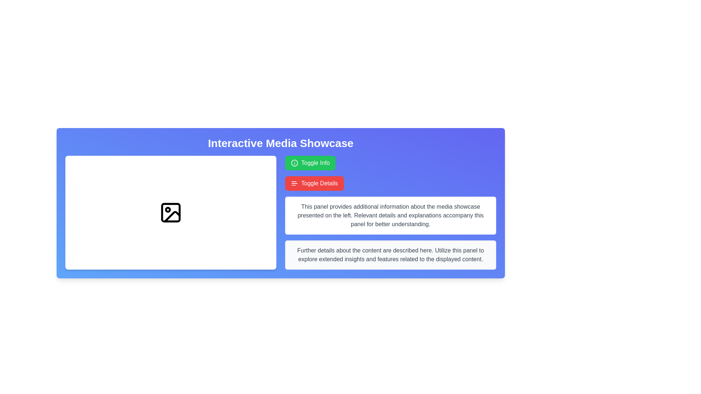 The image size is (701, 394). I want to click on the informational indicator icon located centrally within the green 'Toggle Info' button at the upper left section of the interface, so click(294, 163).